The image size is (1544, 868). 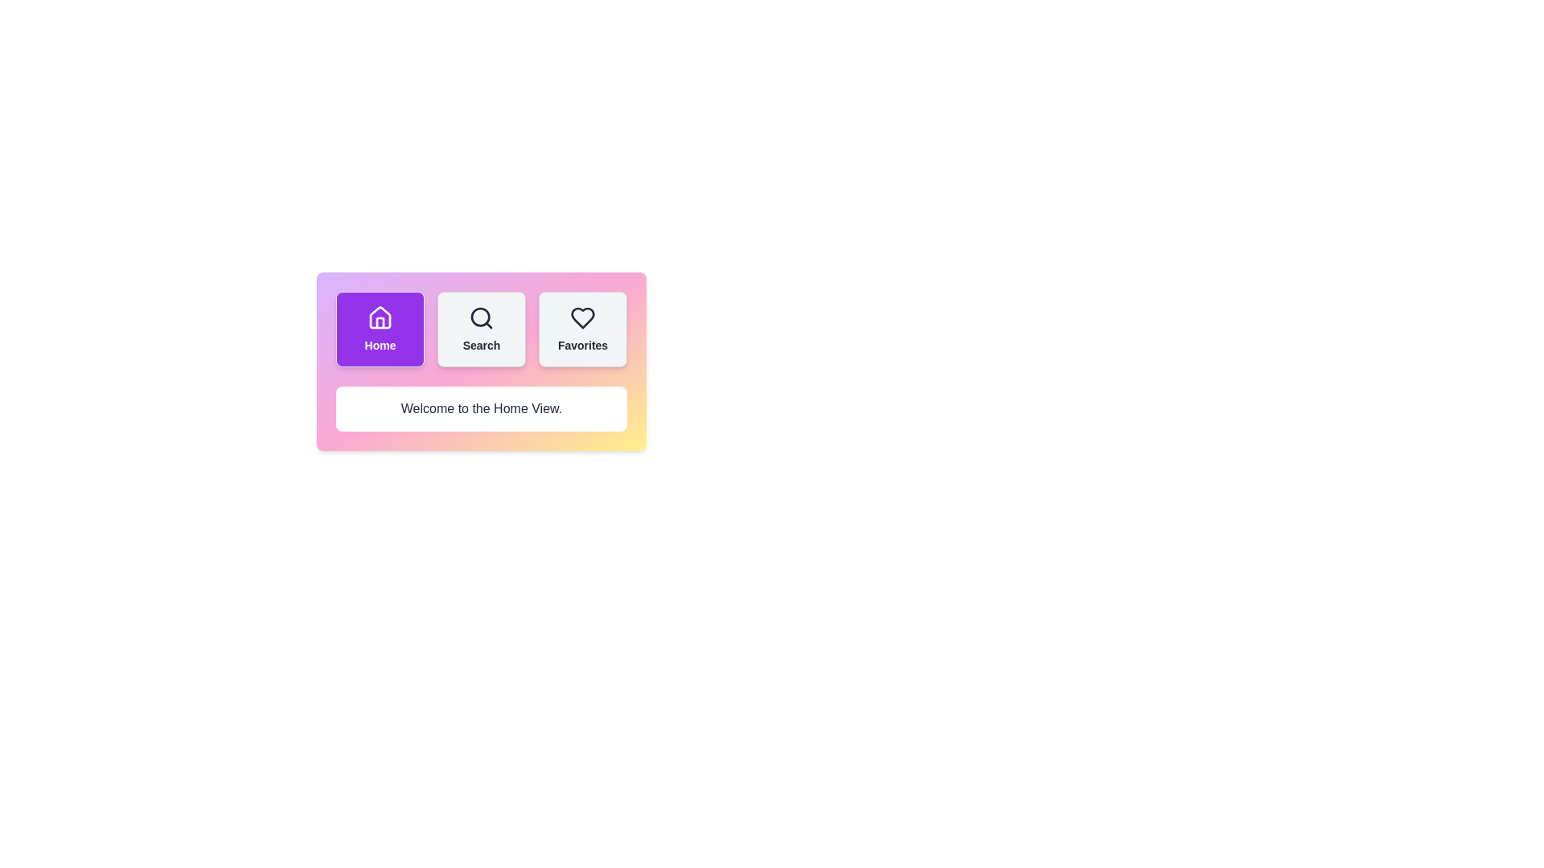 What do you see at coordinates (481, 318) in the screenshot?
I see `the search icon in the center of the 'Search' button` at bounding box center [481, 318].